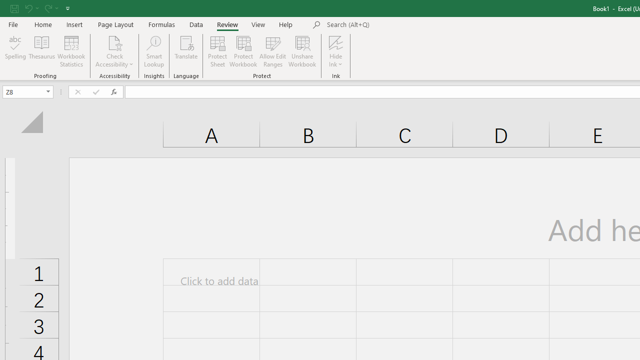 Image resolution: width=640 pixels, height=360 pixels. I want to click on 'Redo', so click(50, 8).